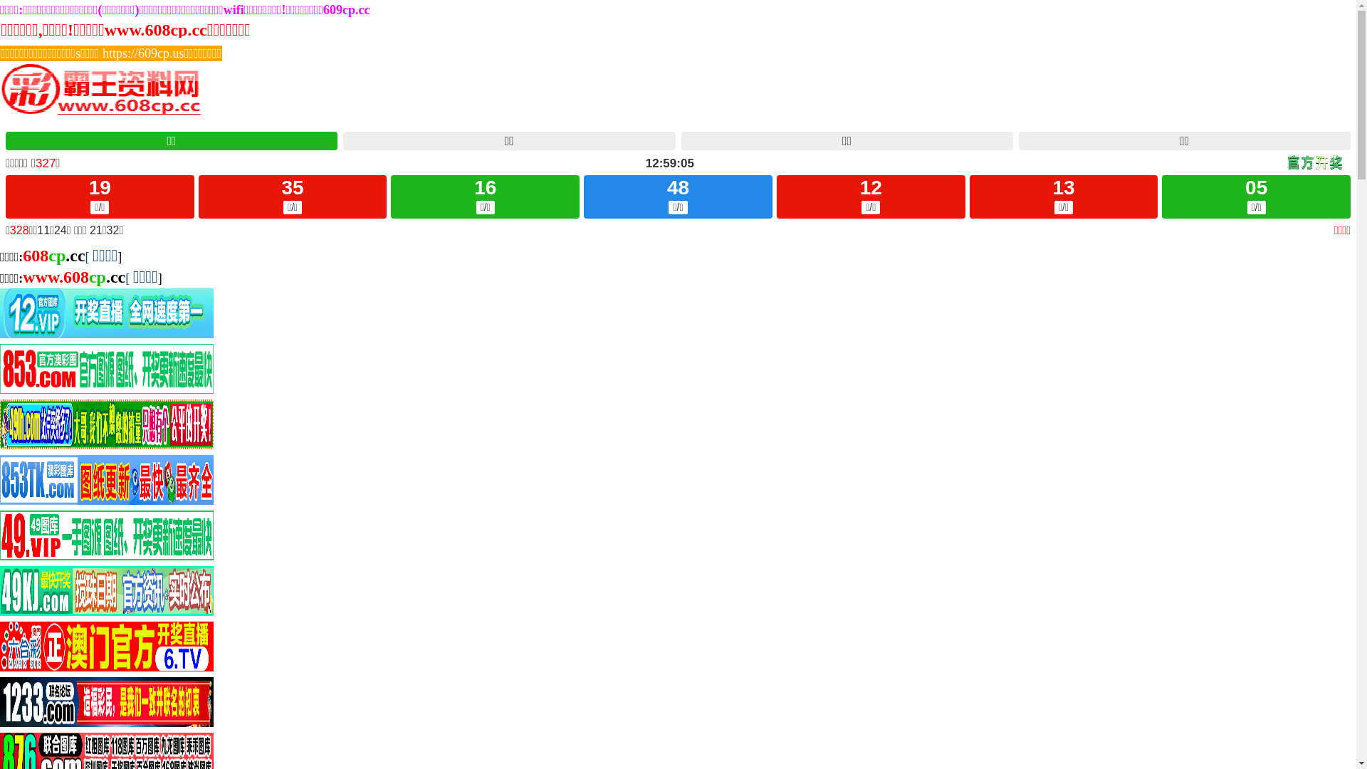  What do you see at coordinates (75, 278) in the screenshot?
I see `'www.608cp.cc['` at bounding box center [75, 278].